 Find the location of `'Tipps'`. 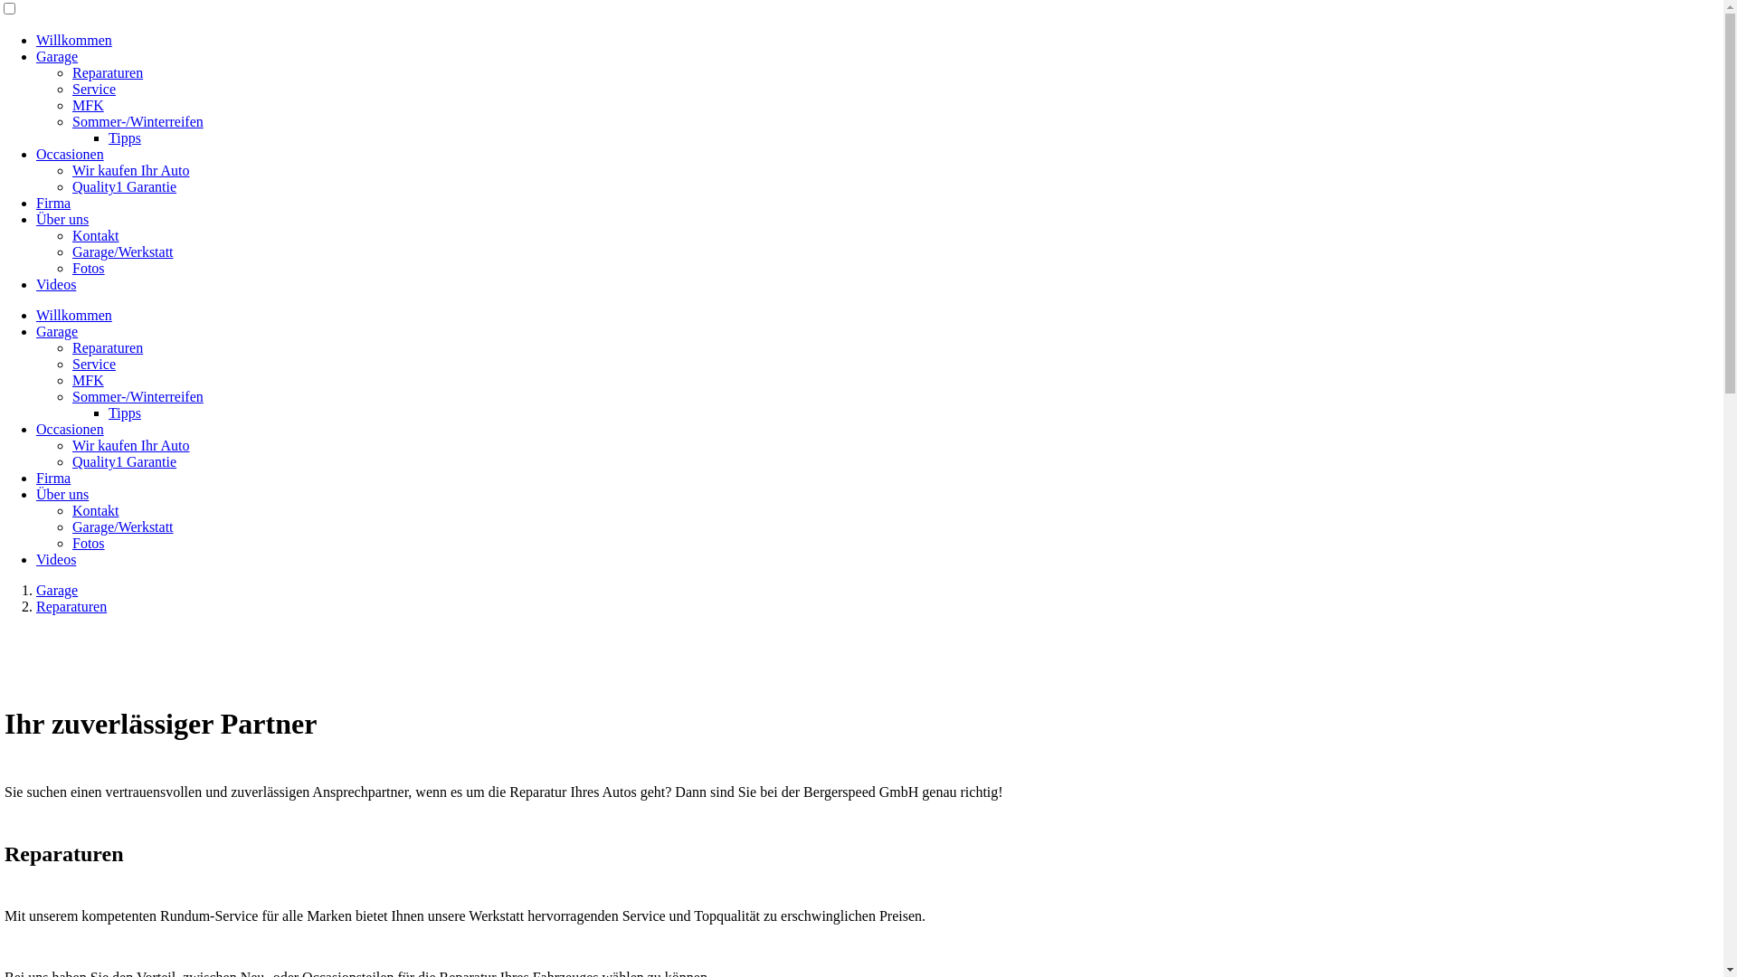

'Tipps' is located at coordinates (108, 137).